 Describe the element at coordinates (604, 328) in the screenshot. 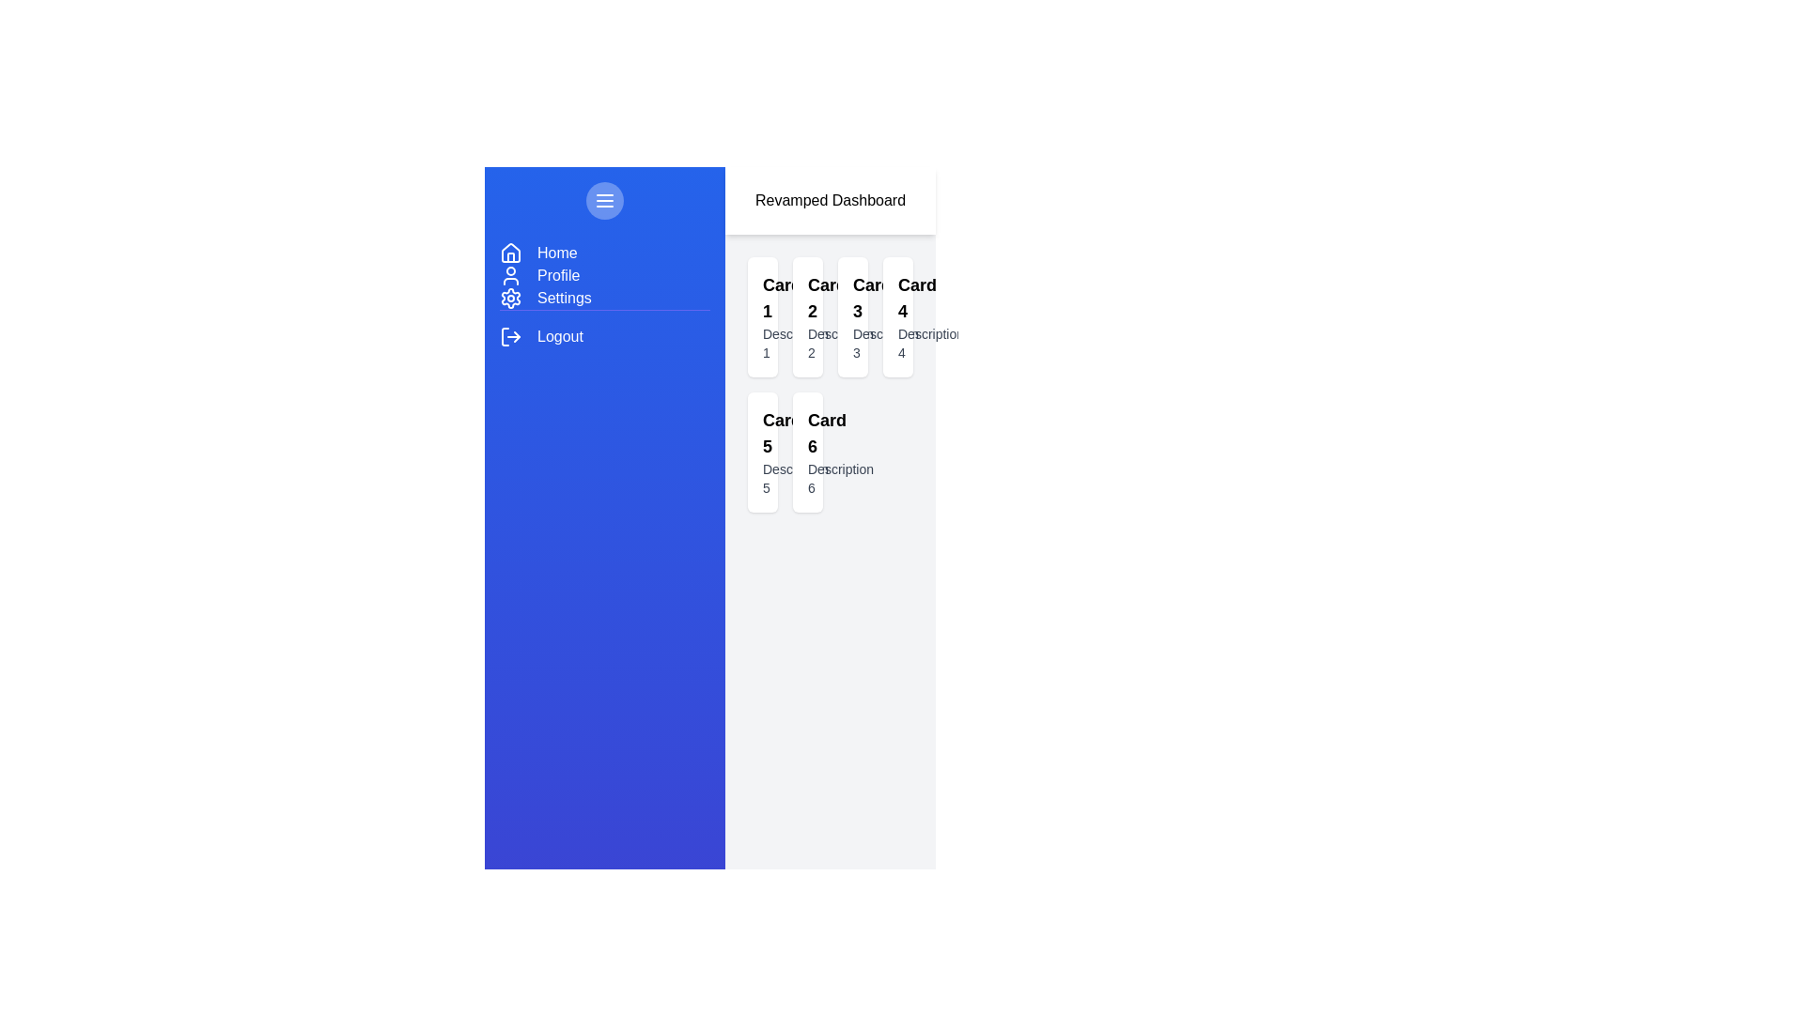

I see `the 'Logout' navigation menu item located at the bottom of the navigation menu` at that location.